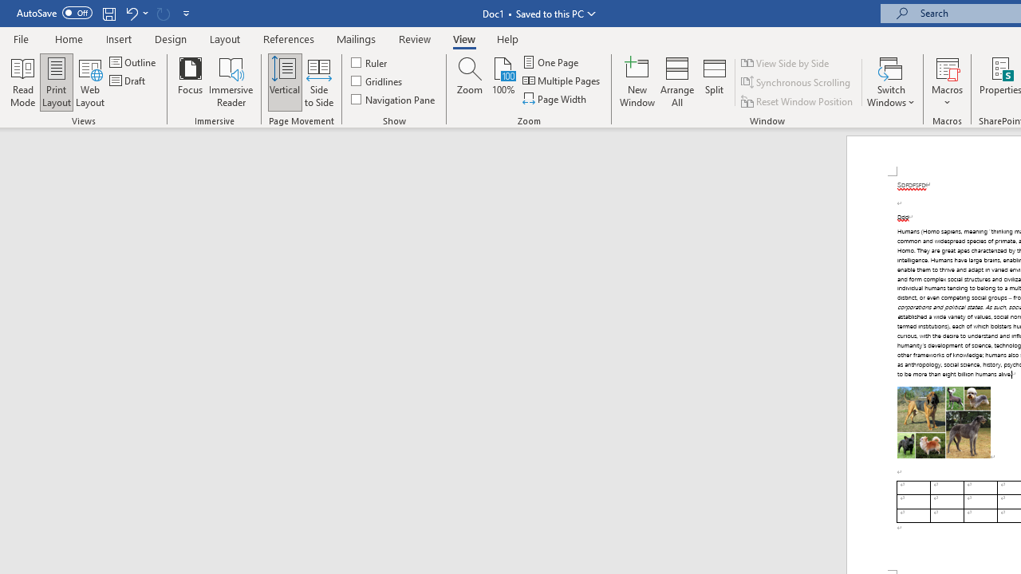 This screenshot has width=1021, height=574. Describe the element at coordinates (797, 82) in the screenshot. I see `'Synchronous Scrolling'` at that location.